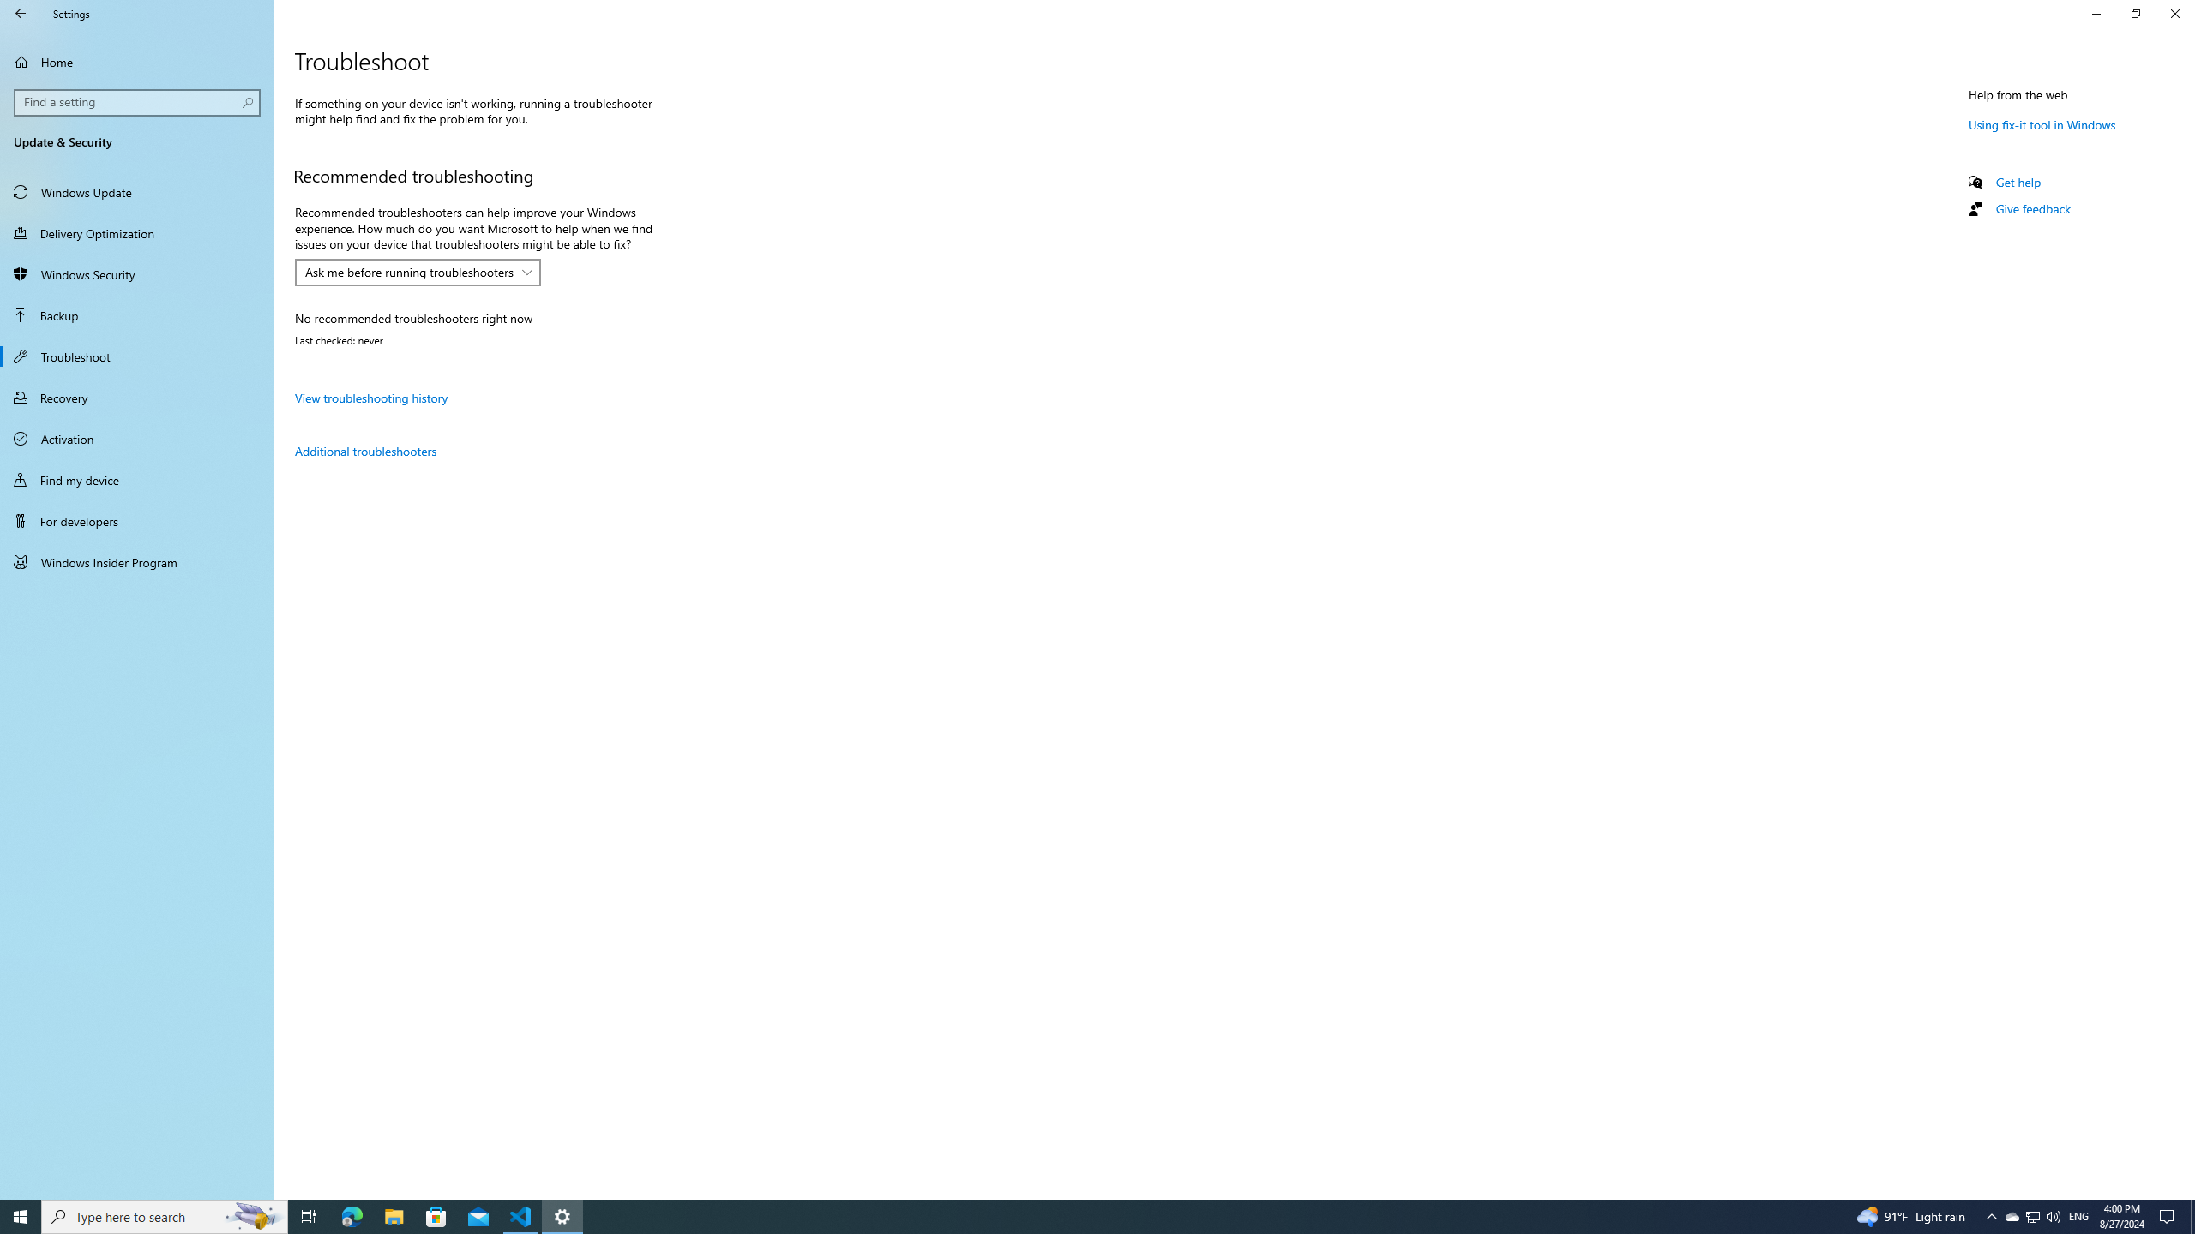 This screenshot has width=2195, height=1234. What do you see at coordinates (2031, 207) in the screenshot?
I see `'Give feedback'` at bounding box center [2031, 207].